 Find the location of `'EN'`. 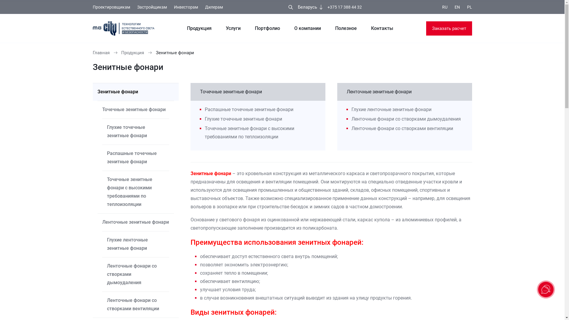

'EN' is located at coordinates (454, 7).